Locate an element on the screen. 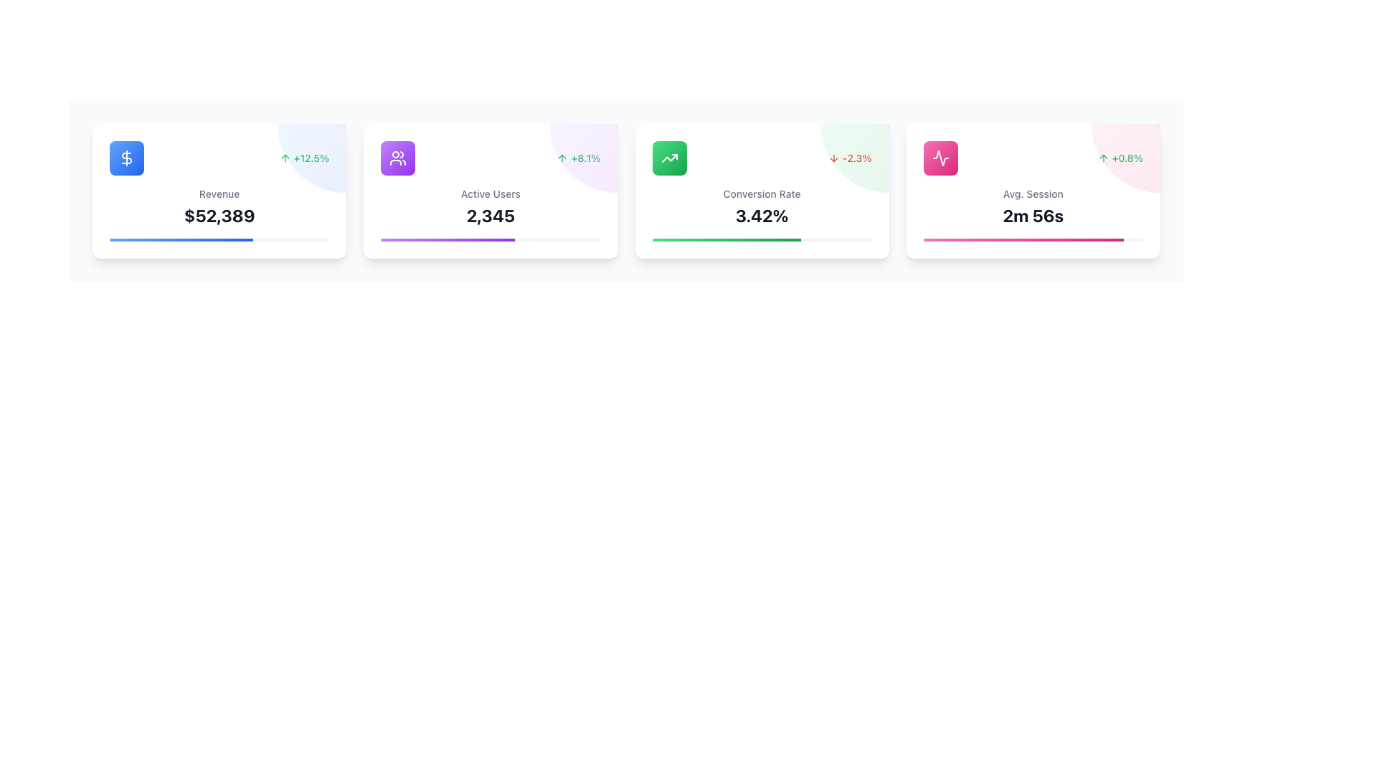 The width and height of the screenshot is (1377, 774). the visual representation of the blue gradient progress bar segment located within the white card labeled 'Revenue', which shows a numerical value of $52,389 and an increase percentage of +12.5% is located at coordinates (181, 239).